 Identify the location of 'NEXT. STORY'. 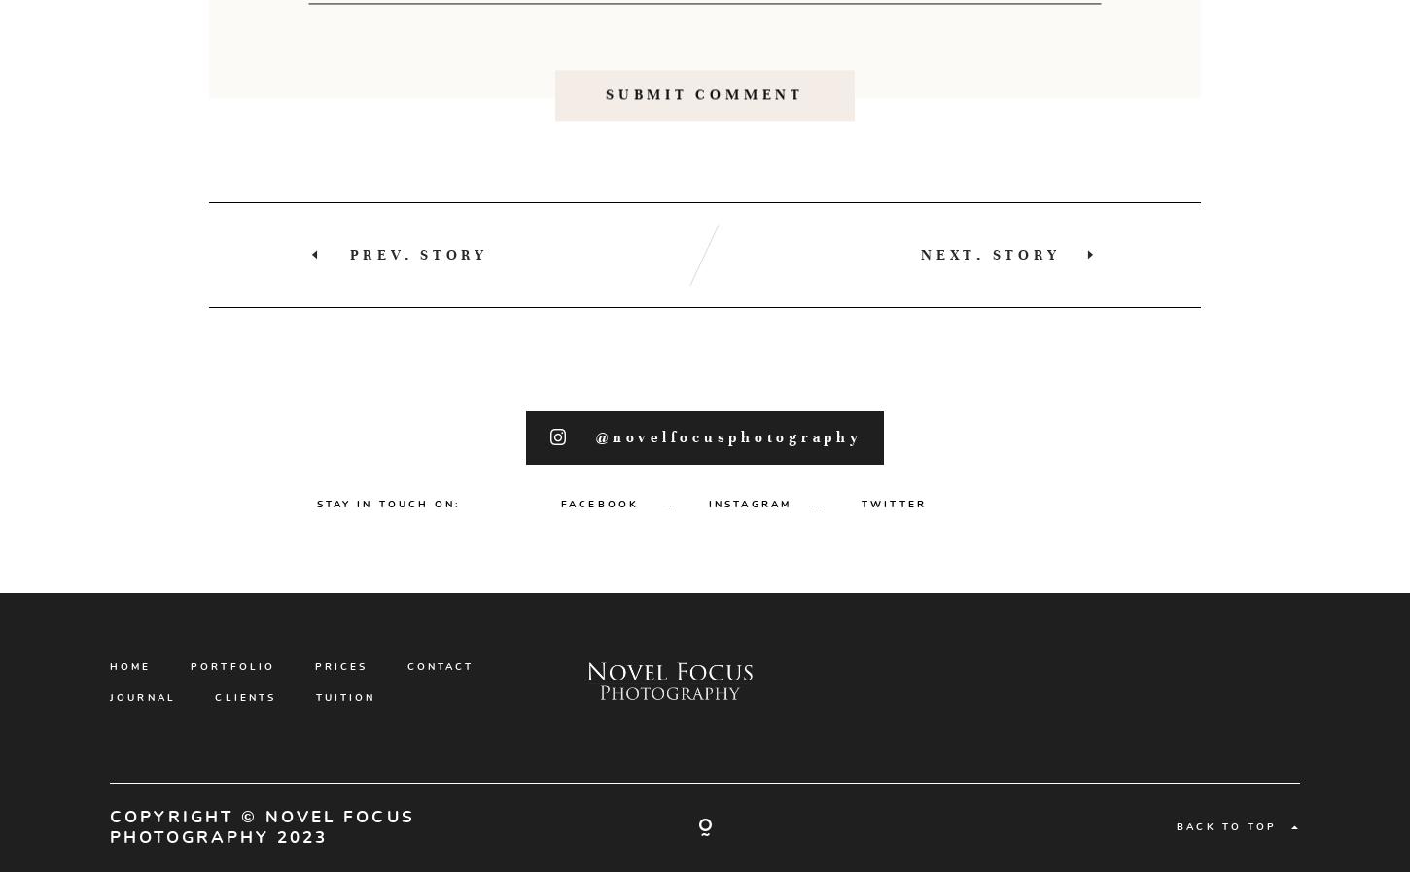
(990, 340).